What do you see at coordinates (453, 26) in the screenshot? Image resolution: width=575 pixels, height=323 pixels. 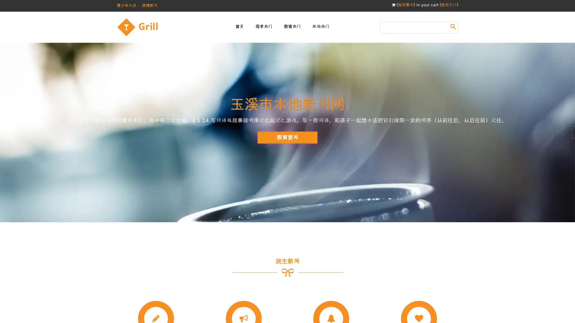 I see `Submit` at bounding box center [453, 26].